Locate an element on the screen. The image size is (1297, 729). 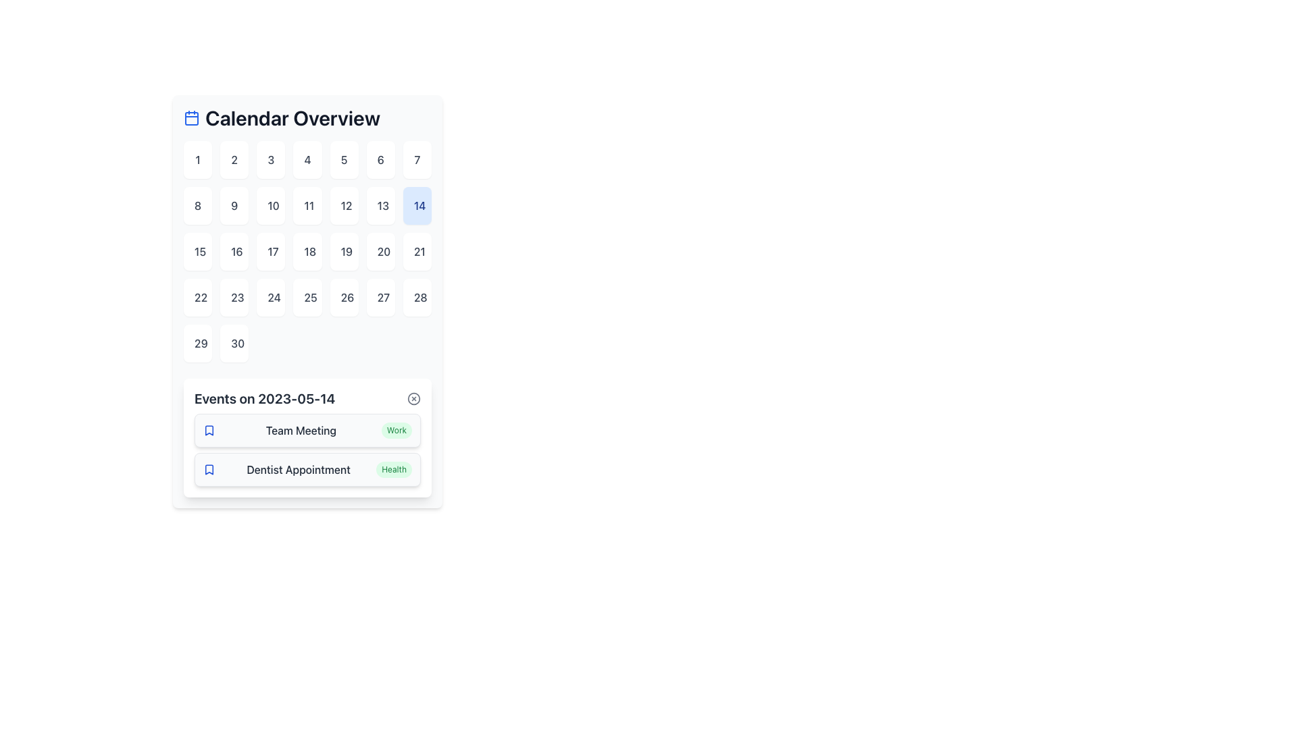
the rectangular button labeled '26' with rounded edges is located at coordinates (344, 296).